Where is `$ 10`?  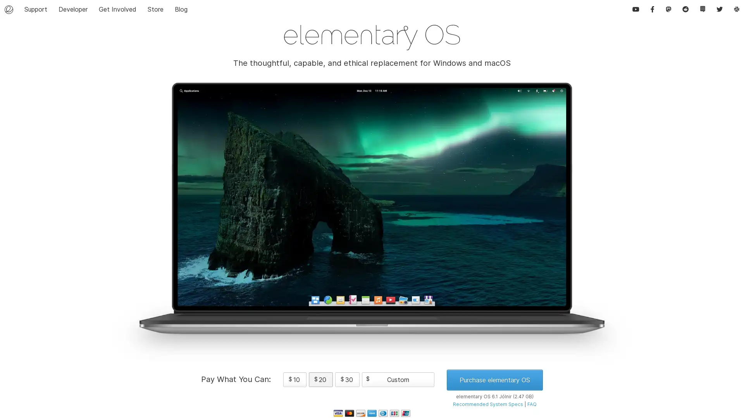
$ 10 is located at coordinates (294, 379).